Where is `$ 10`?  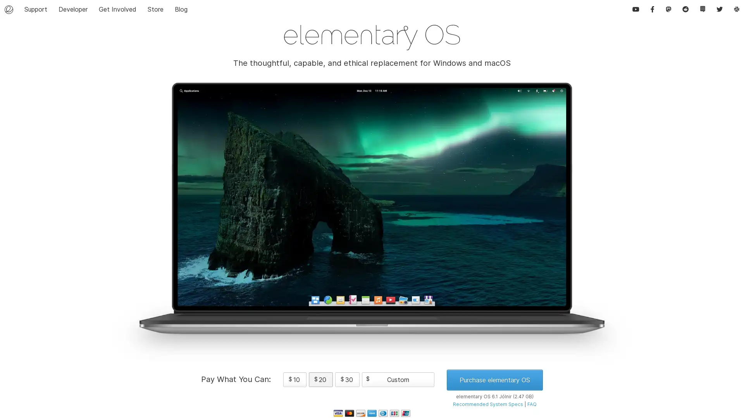
$ 10 is located at coordinates (294, 379).